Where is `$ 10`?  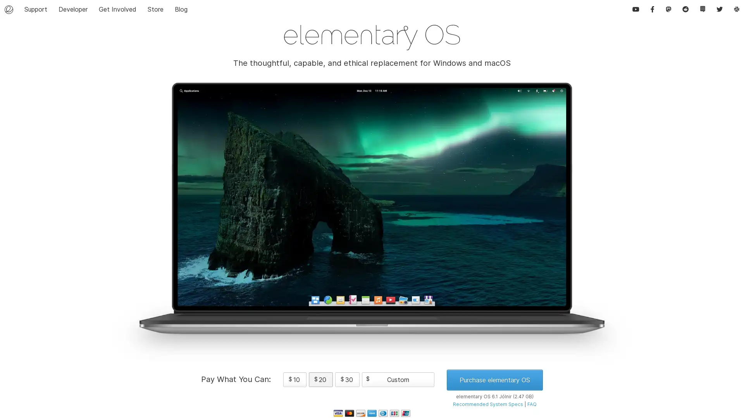
$ 10 is located at coordinates (294, 379).